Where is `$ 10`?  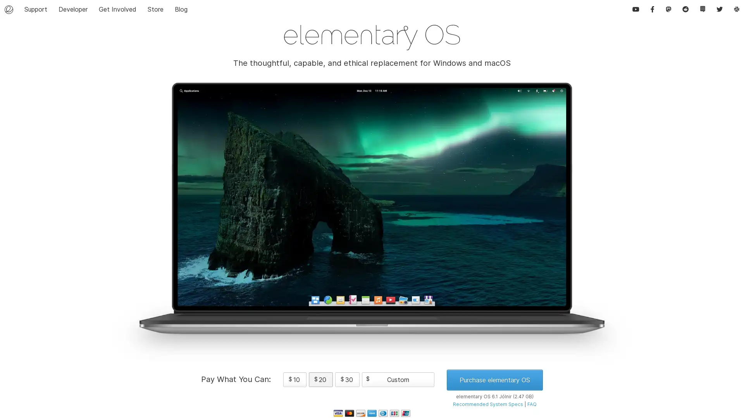
$ 10 is located at coordinates (294, 379).